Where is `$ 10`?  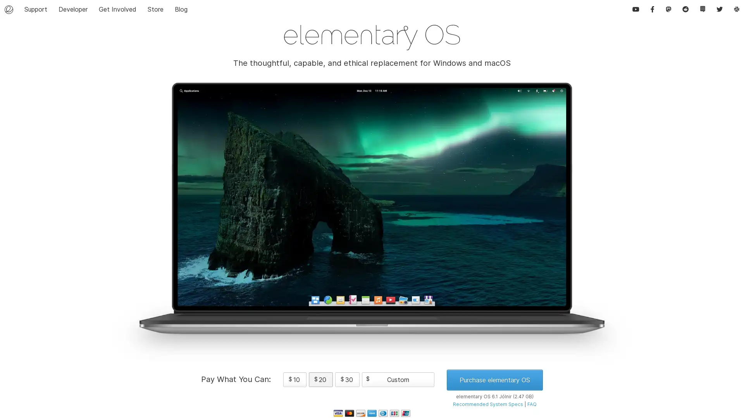
$ 10 is located at coordinates (294, 379).